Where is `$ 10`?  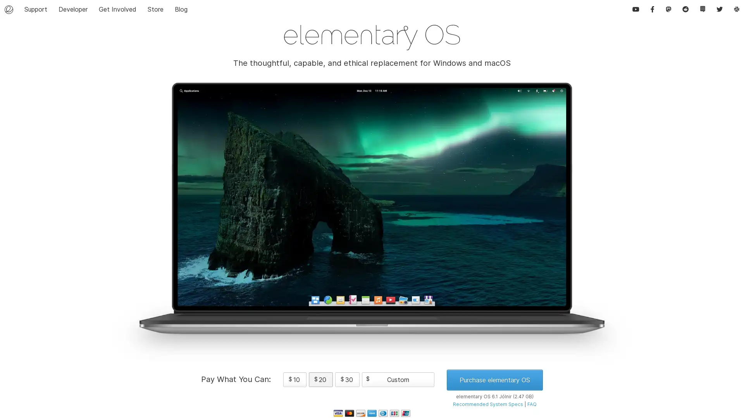
$ 10 is located at coordinates (294, 379).